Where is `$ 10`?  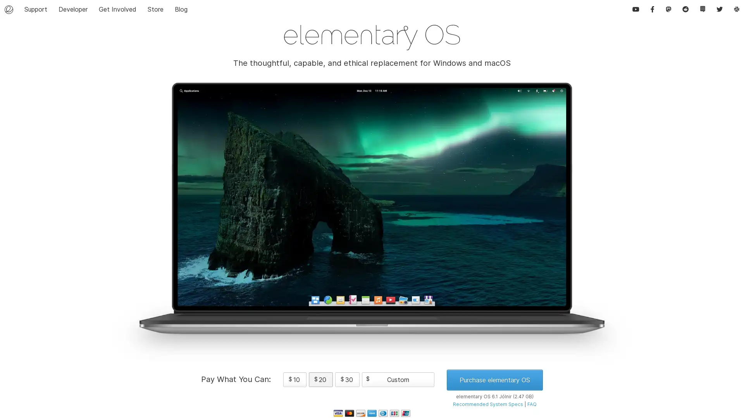
$ 10 is located at coordinates (294, 379).